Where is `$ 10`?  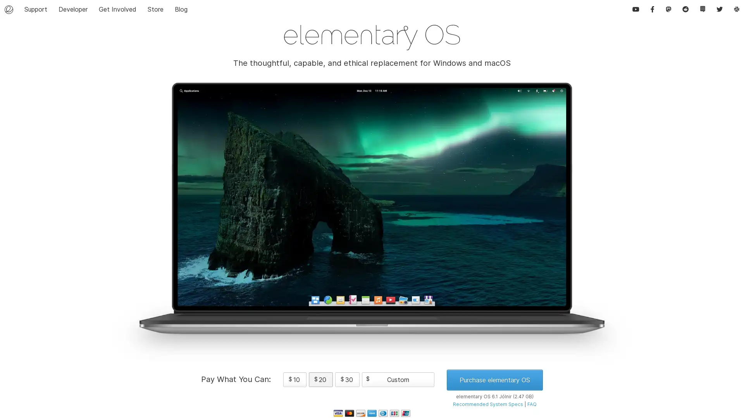
$ 10 is located at coordinates (294, 379).